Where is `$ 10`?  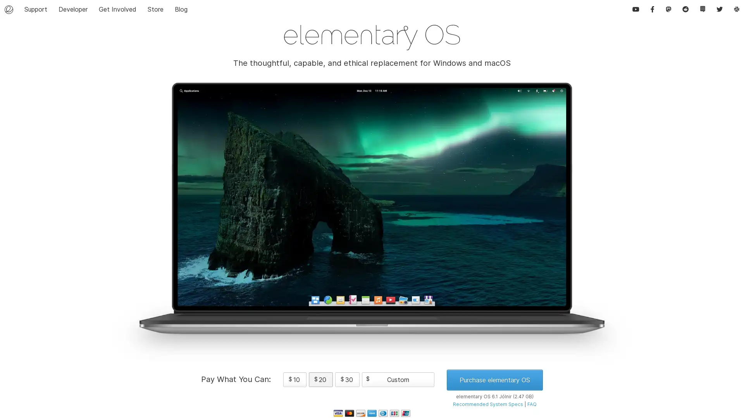
$ 10 is located at coordinates (294, 379).